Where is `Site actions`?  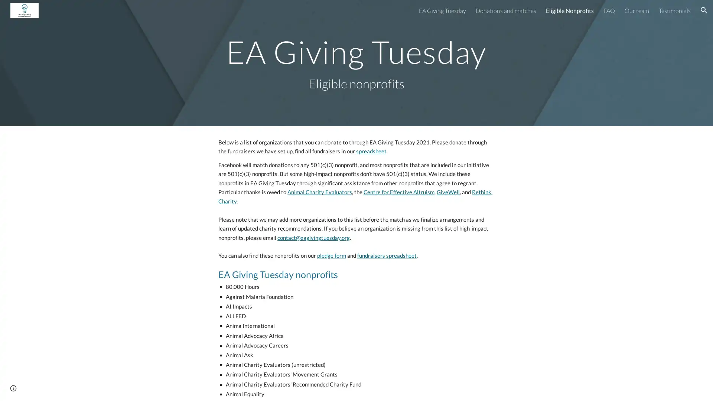
Site actions is located at coordinates (13, 388).